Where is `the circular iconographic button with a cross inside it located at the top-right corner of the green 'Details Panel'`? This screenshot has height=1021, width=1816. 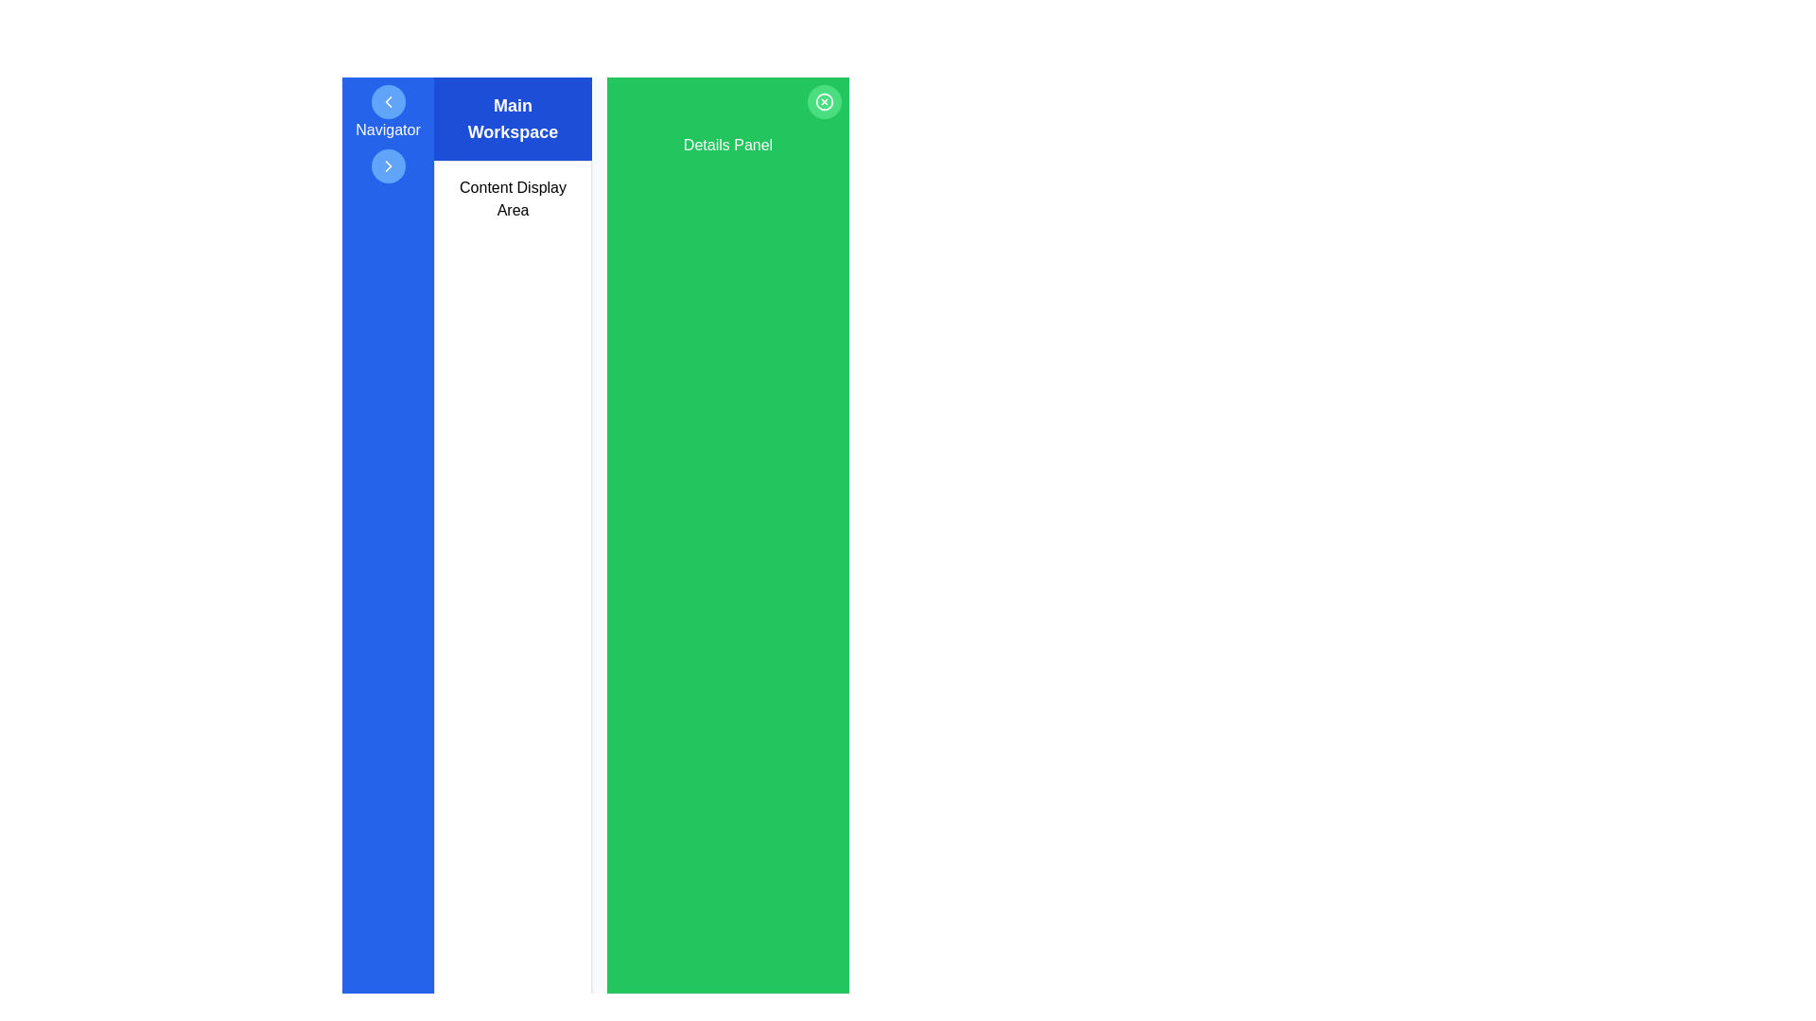
the circular iconographic button with a cross inside it located at the top-right corner of the green 'Details Panel' is located at coordinates (825, 102).